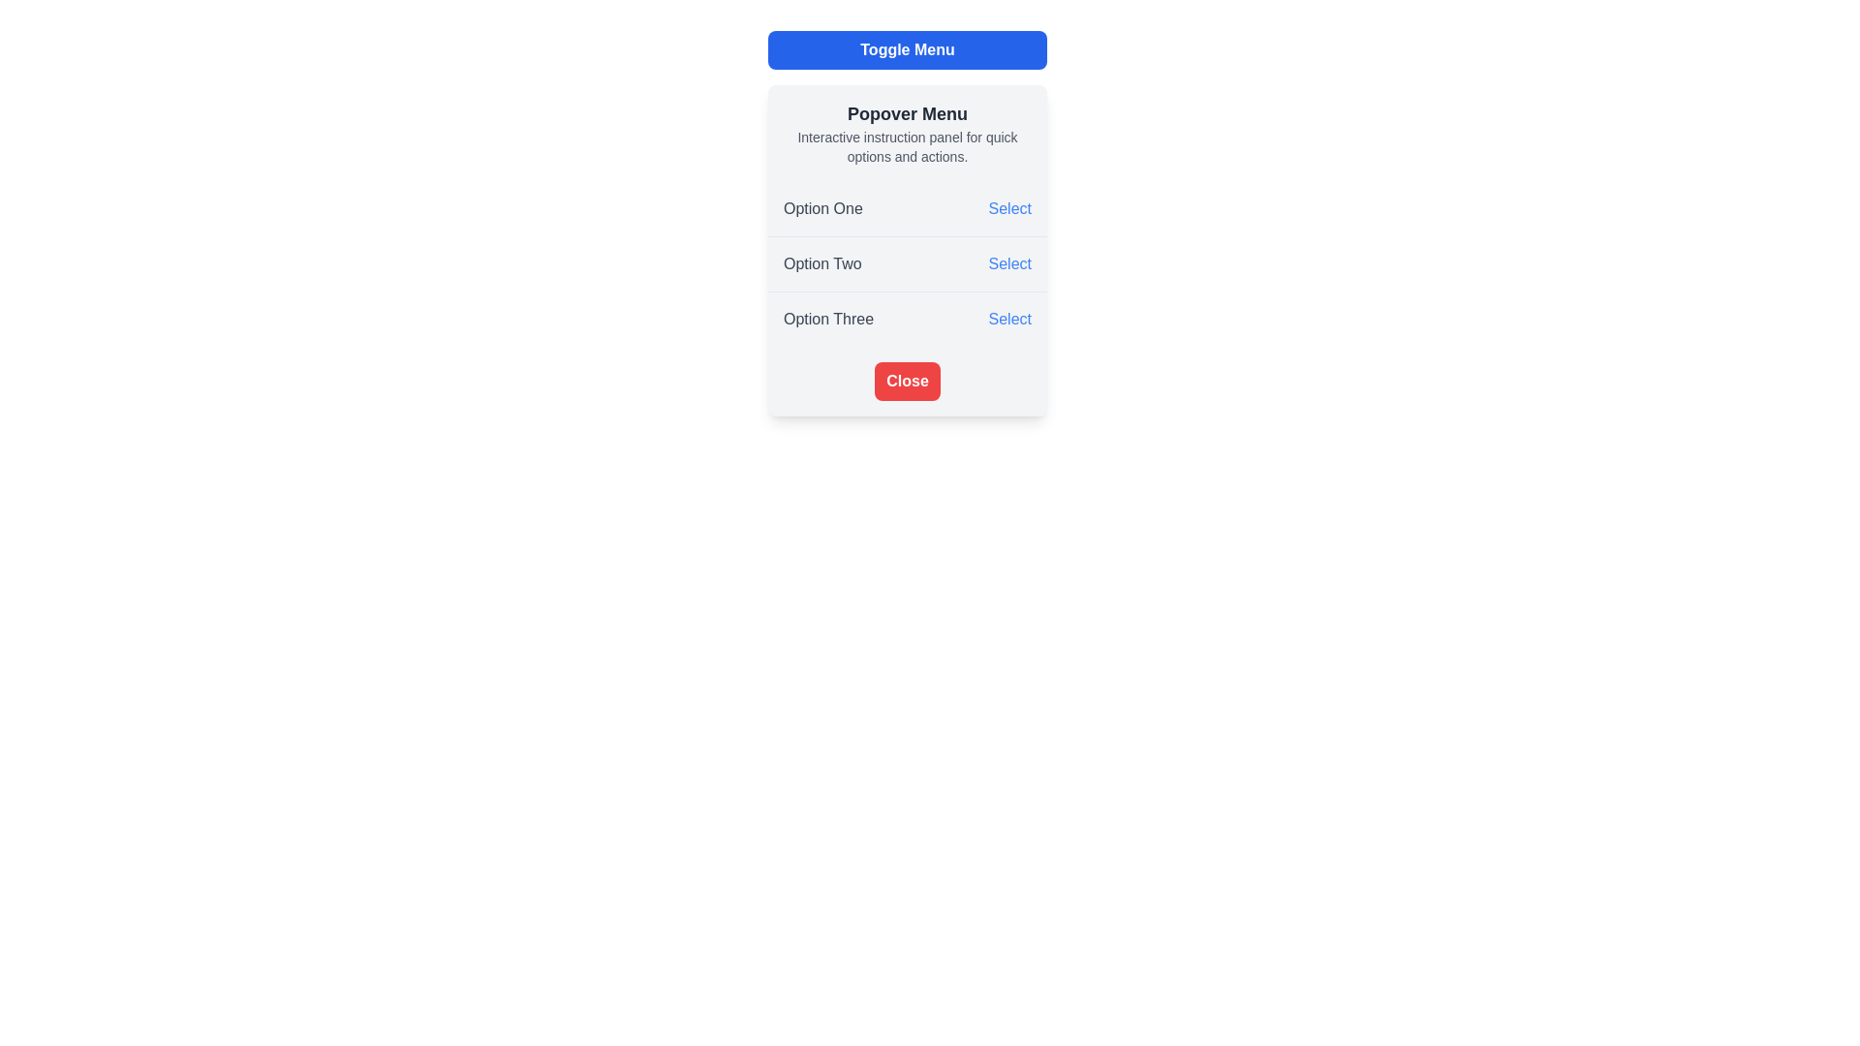  What do you see at coordinates (1008, 319) in the screenshot?
I see `the 'Select' button-like hyperlink located on the right side of the 'Option Three' row in the 'Popover Menu' dialog` at bounding box center [1008, 319].